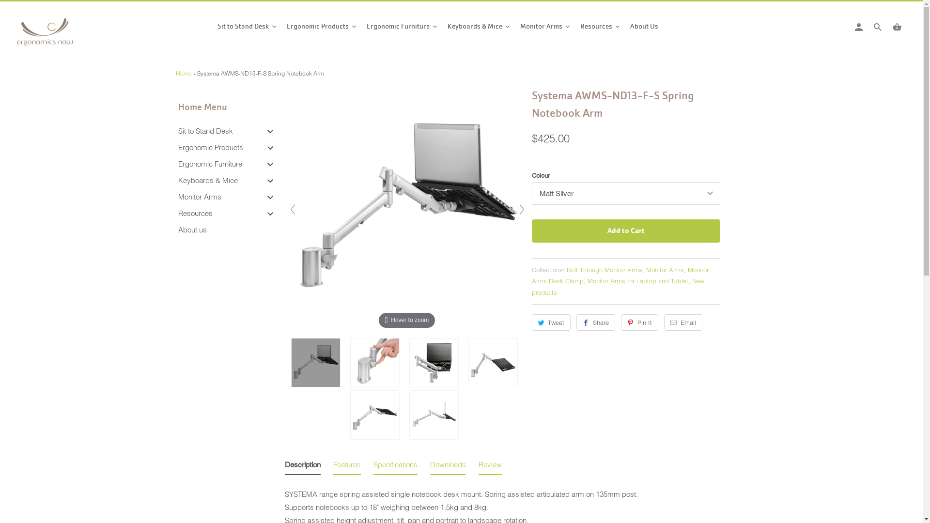 This screenshot has height=523, width=930. What do you see at coordinates (178, 230) in the screenshot?
I see `'About us'` at bounding box center [178, 230].